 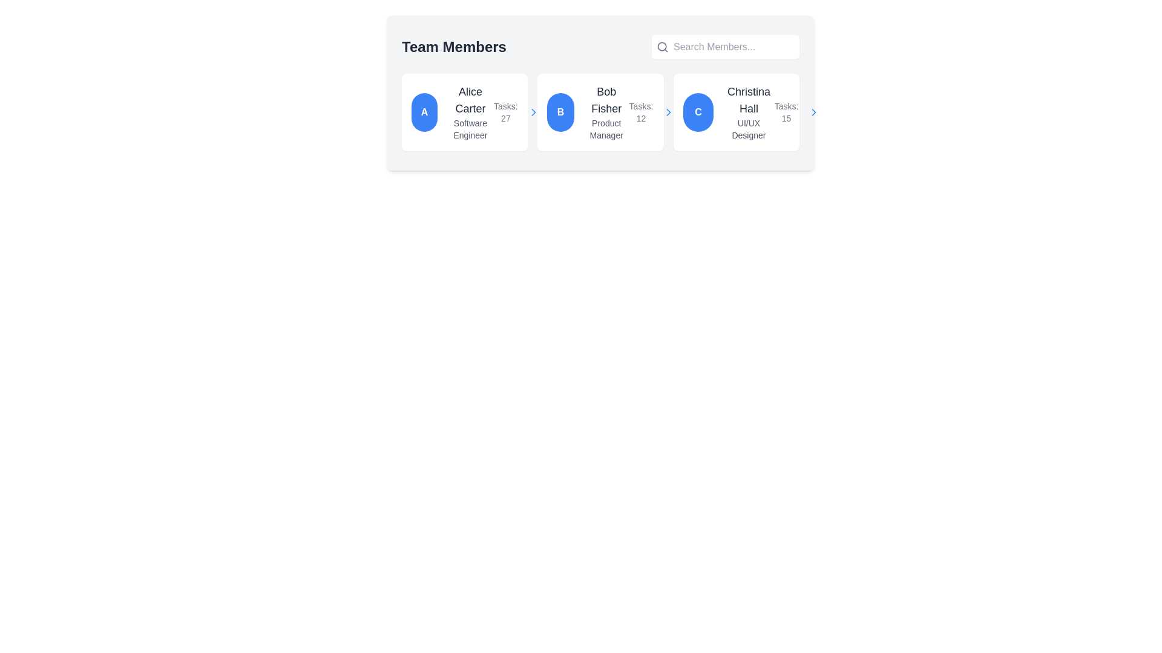 What do you see at coordinates (606, 99) in the screenshot?
I see `the text label displaying 'Bob Fisher', which is located in the second position of a horizontal member list, above the descriptive text 'Product Manager'` at bounding box center [606, 99].